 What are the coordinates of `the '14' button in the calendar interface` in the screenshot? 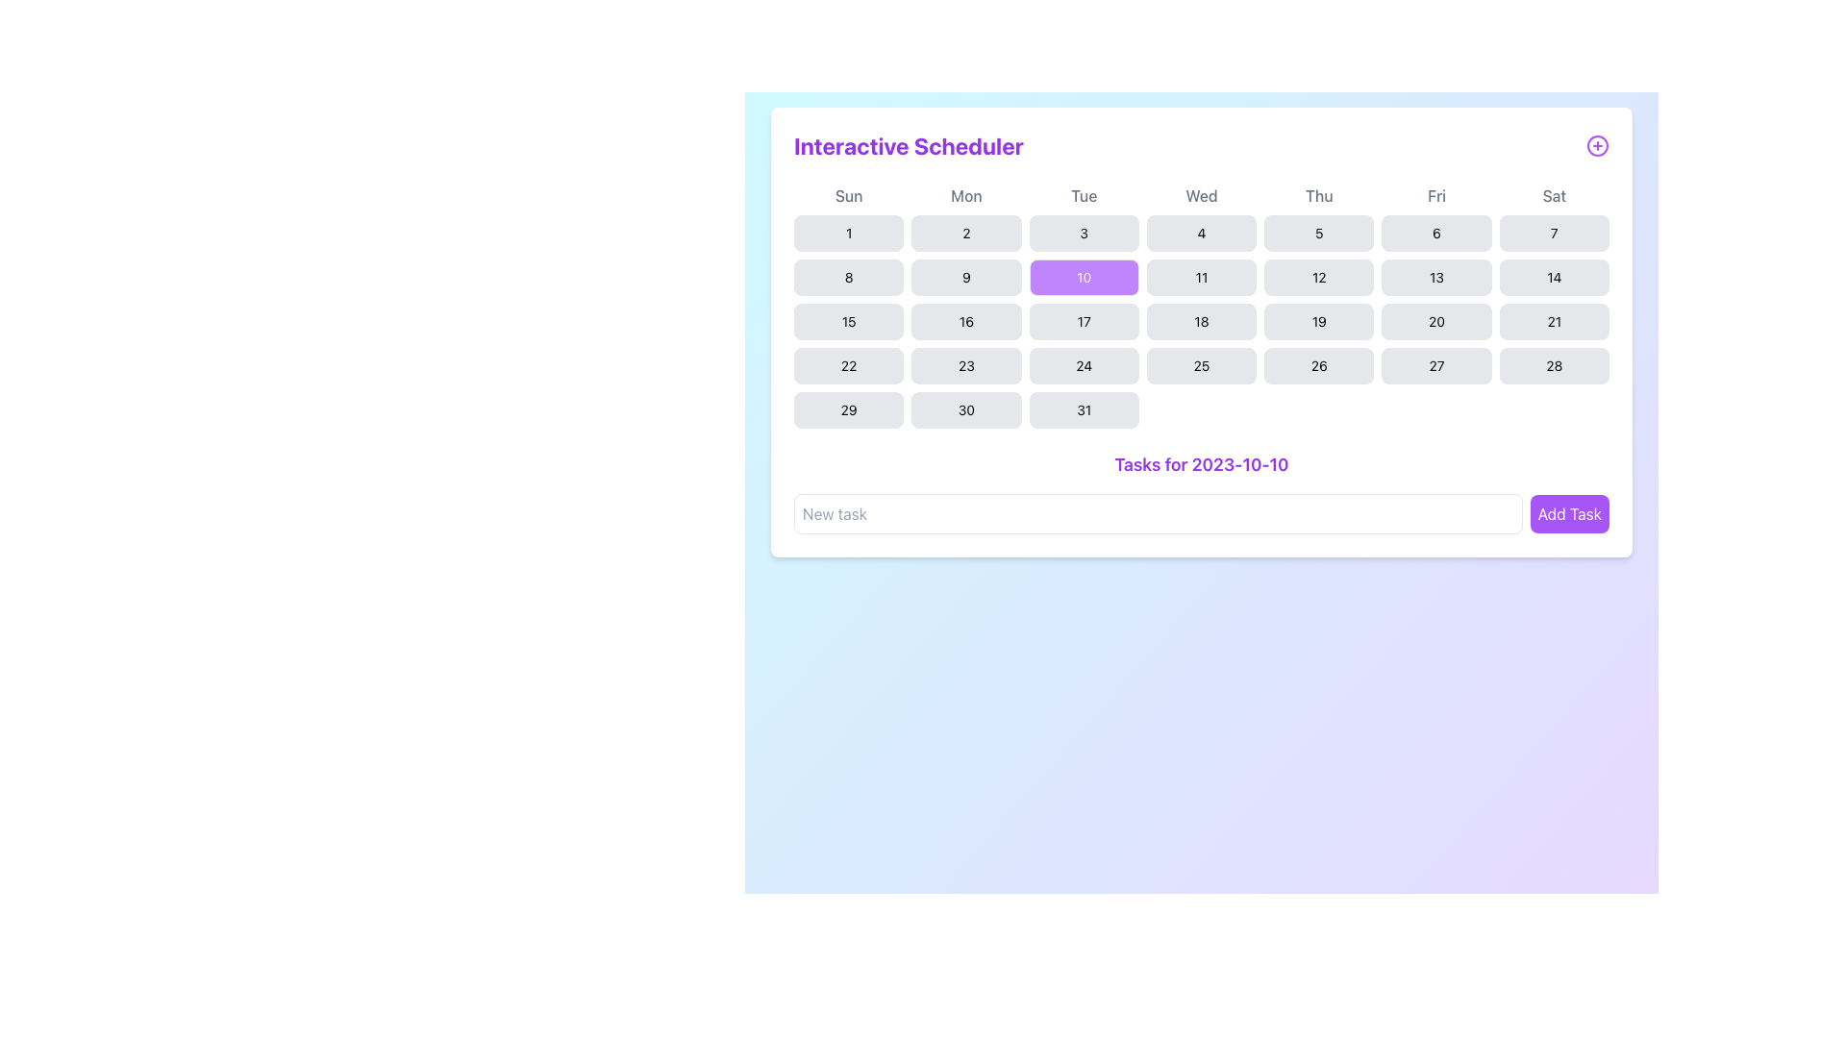 It's located at (1554, 278).